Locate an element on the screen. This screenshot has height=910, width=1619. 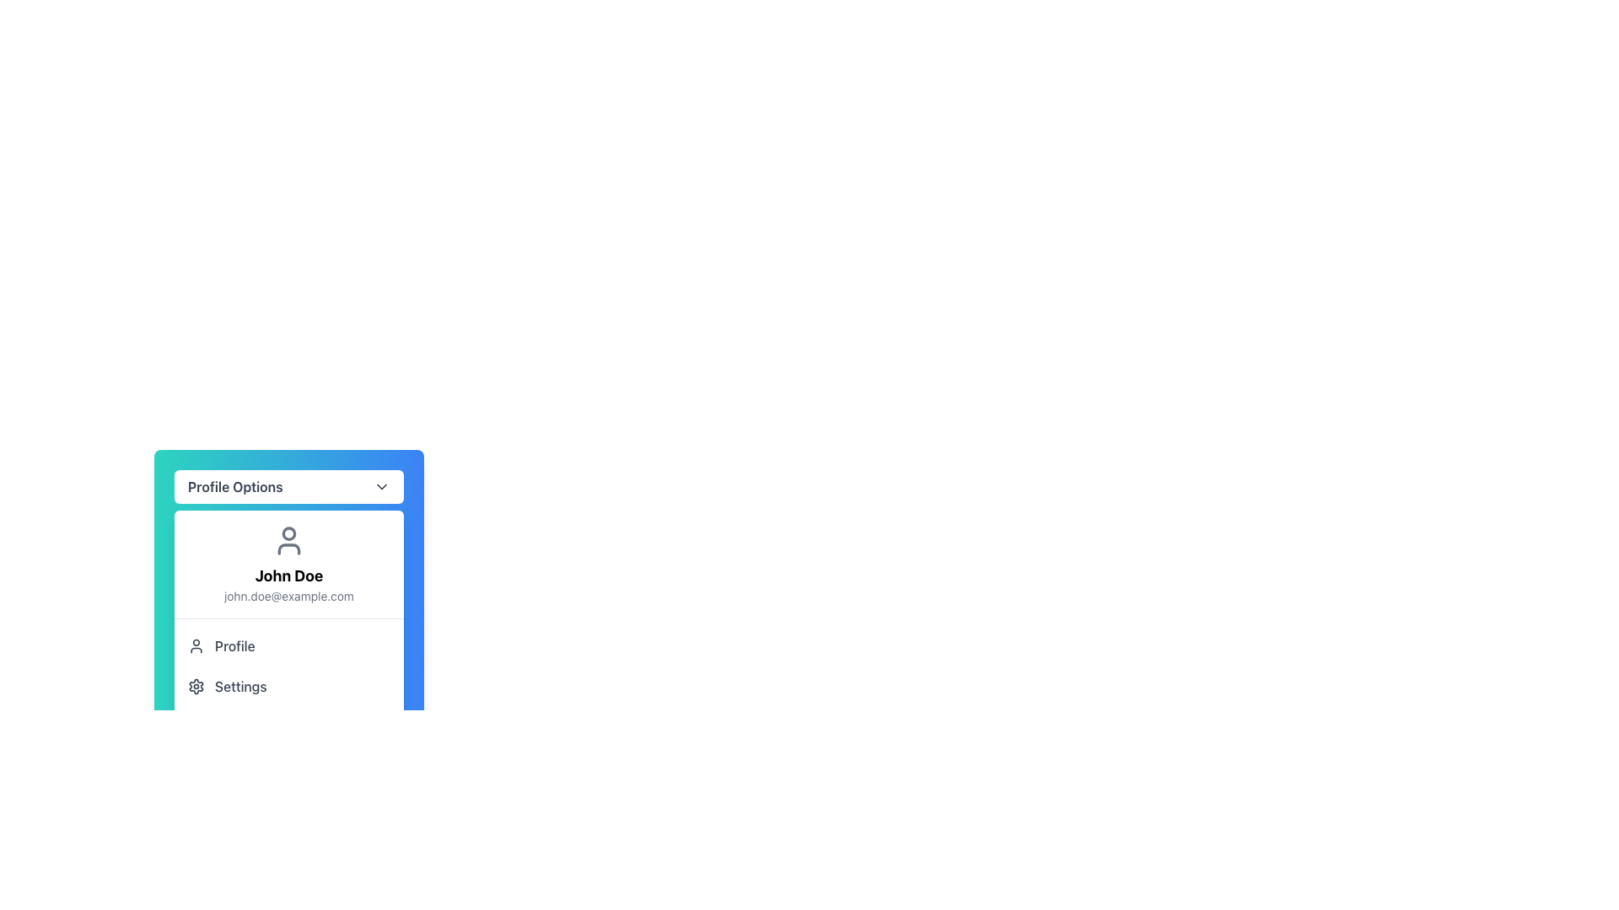
the 'Settings' label located directly below the 'Profile' list item in the dropdown menu is located at coordinates (239, 686).